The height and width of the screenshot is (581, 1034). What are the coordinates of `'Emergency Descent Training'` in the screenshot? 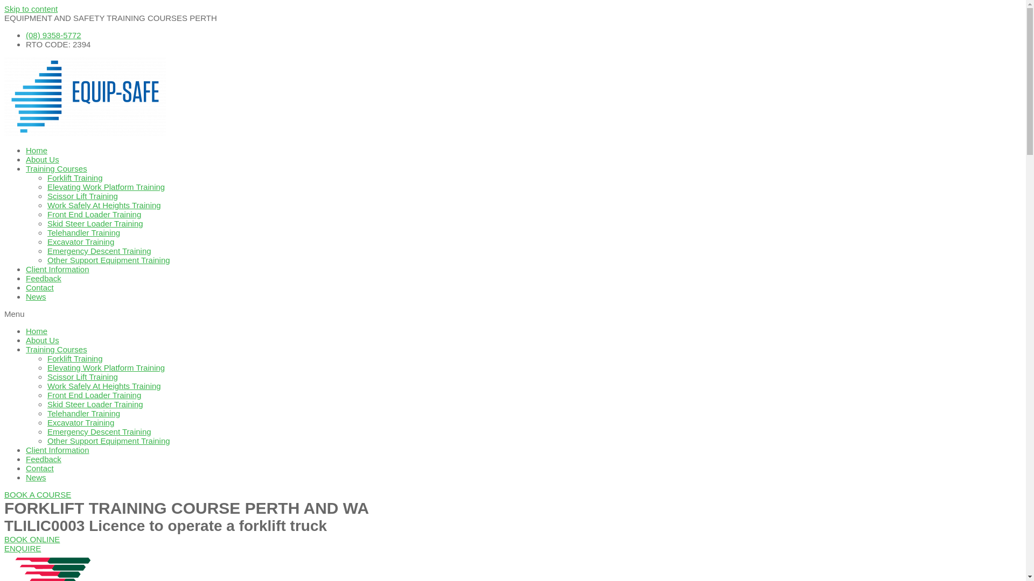 It's located at (99, 431).